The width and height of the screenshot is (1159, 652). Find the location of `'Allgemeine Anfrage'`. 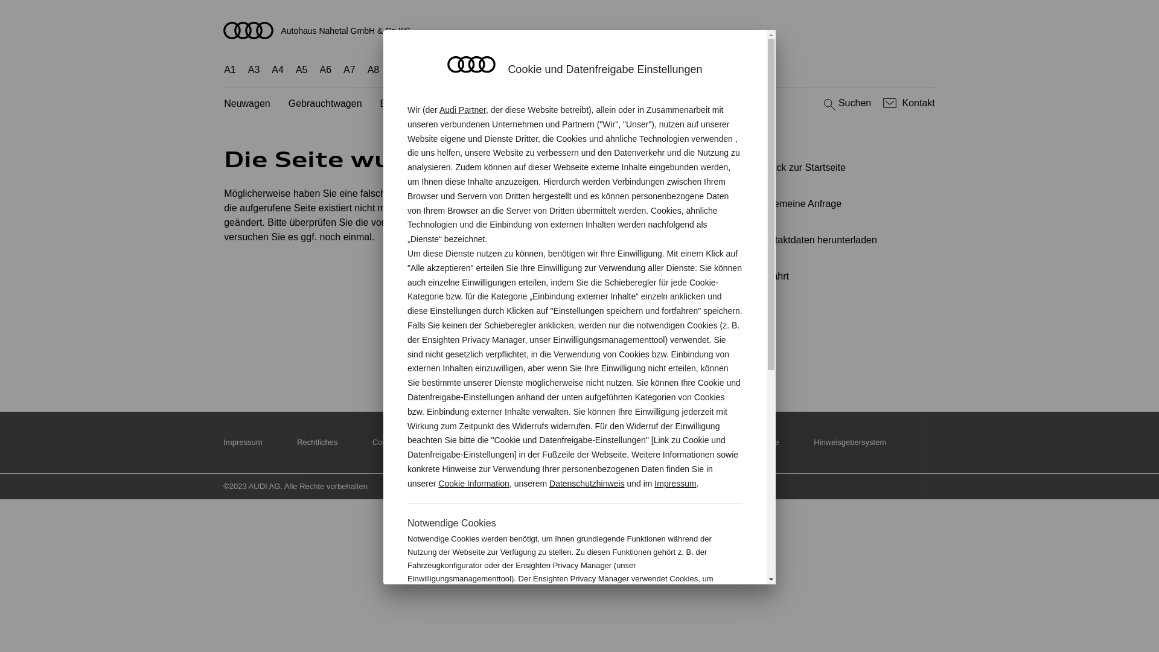

'Allgemeine Anfrage' is located at coordinates (830, 203).